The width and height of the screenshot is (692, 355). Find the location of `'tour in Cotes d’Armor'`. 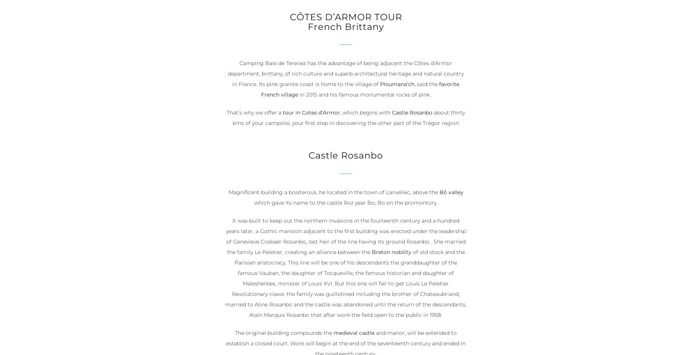

'tour in Cotes d’Armor' is located at coordinates (282, 112).